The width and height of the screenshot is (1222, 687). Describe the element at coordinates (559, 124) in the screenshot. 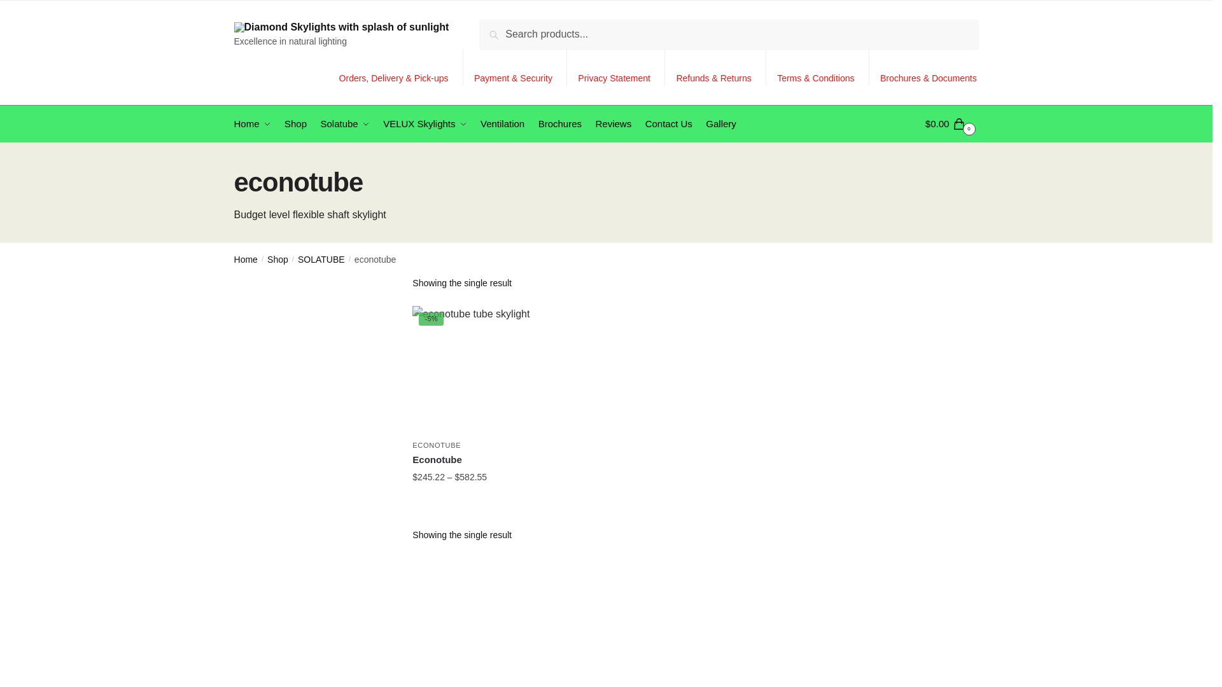

I see `'Brochures'` at that location.